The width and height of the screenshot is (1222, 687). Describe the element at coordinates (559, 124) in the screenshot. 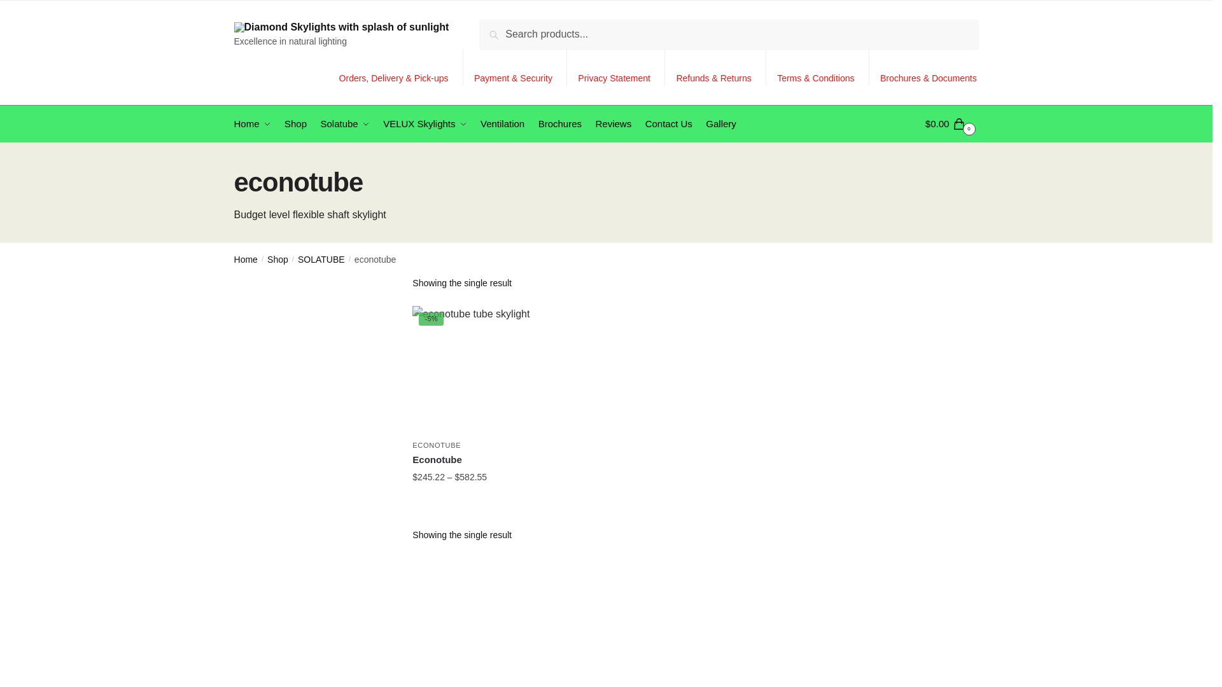

I see `'Brochures'` at that location.